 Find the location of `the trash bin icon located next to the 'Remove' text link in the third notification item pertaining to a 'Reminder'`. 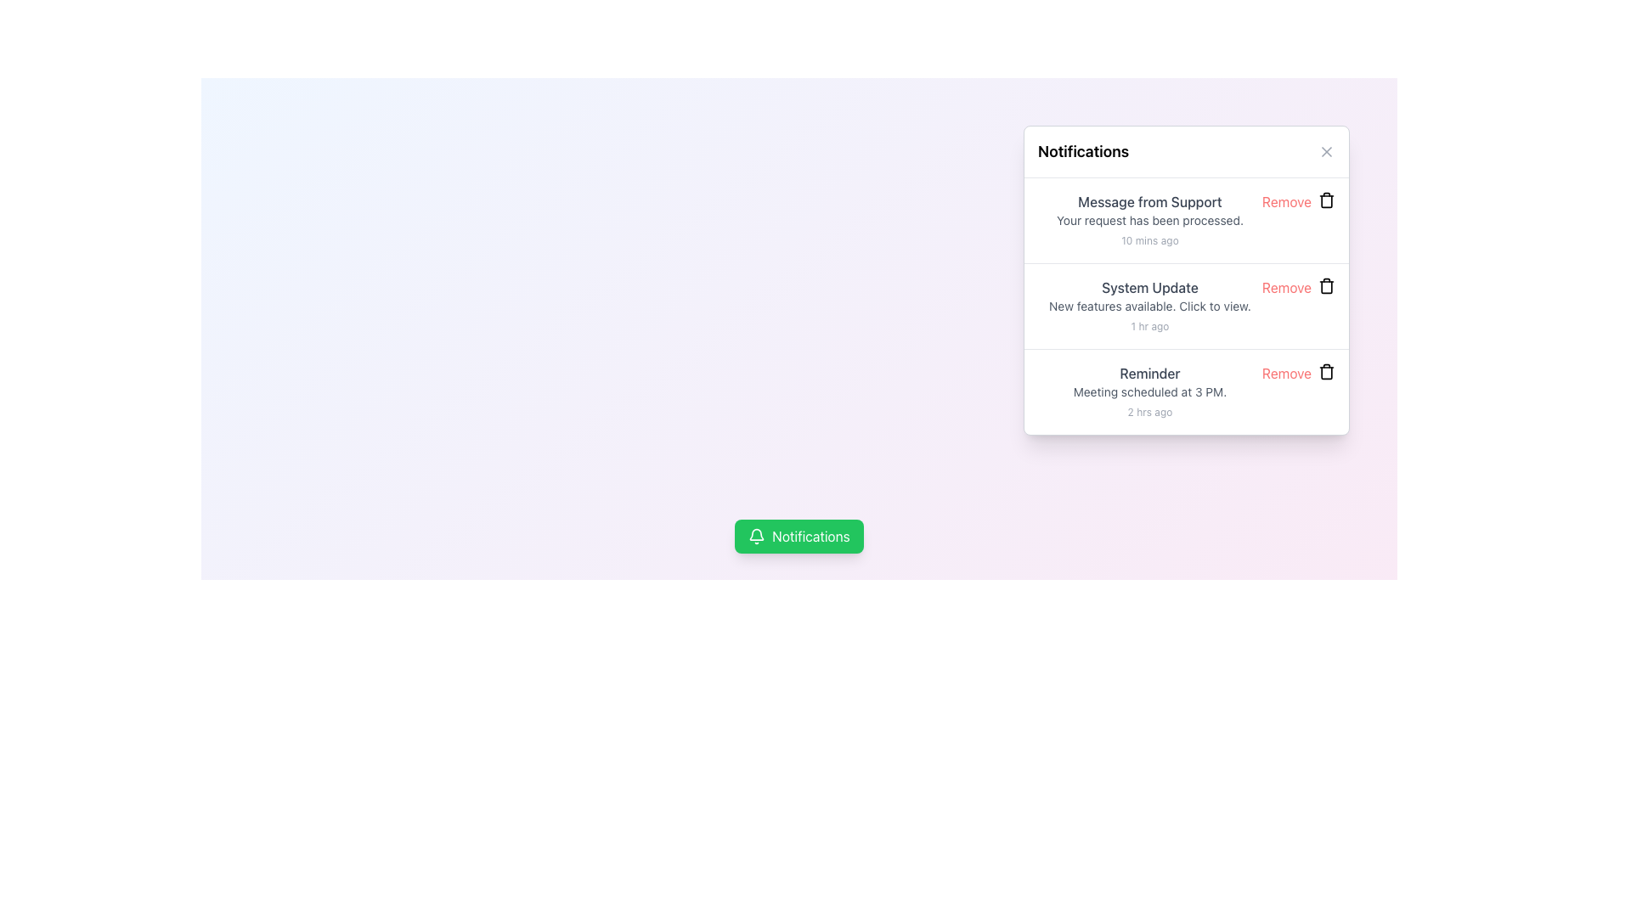

the trash bin icon located next to the 'Remove' text link in the third notification item pertaining to a 'Reminder' is located at coordinates (1325, 371).